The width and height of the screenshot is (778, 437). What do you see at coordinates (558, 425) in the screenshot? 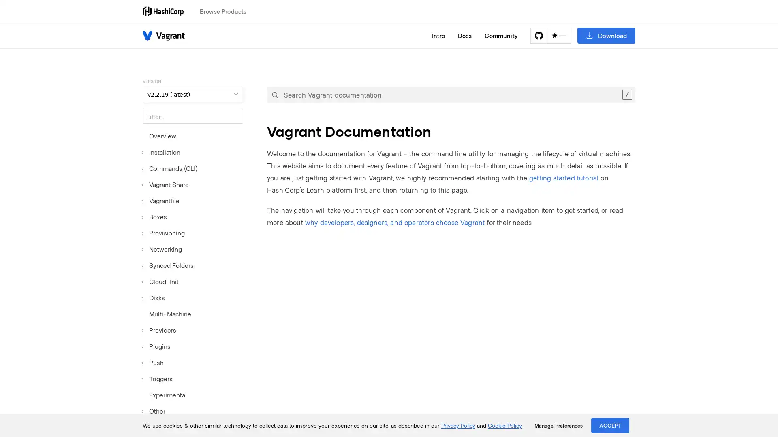
I see `Manage Preferences` at bounding box center [558, 425].